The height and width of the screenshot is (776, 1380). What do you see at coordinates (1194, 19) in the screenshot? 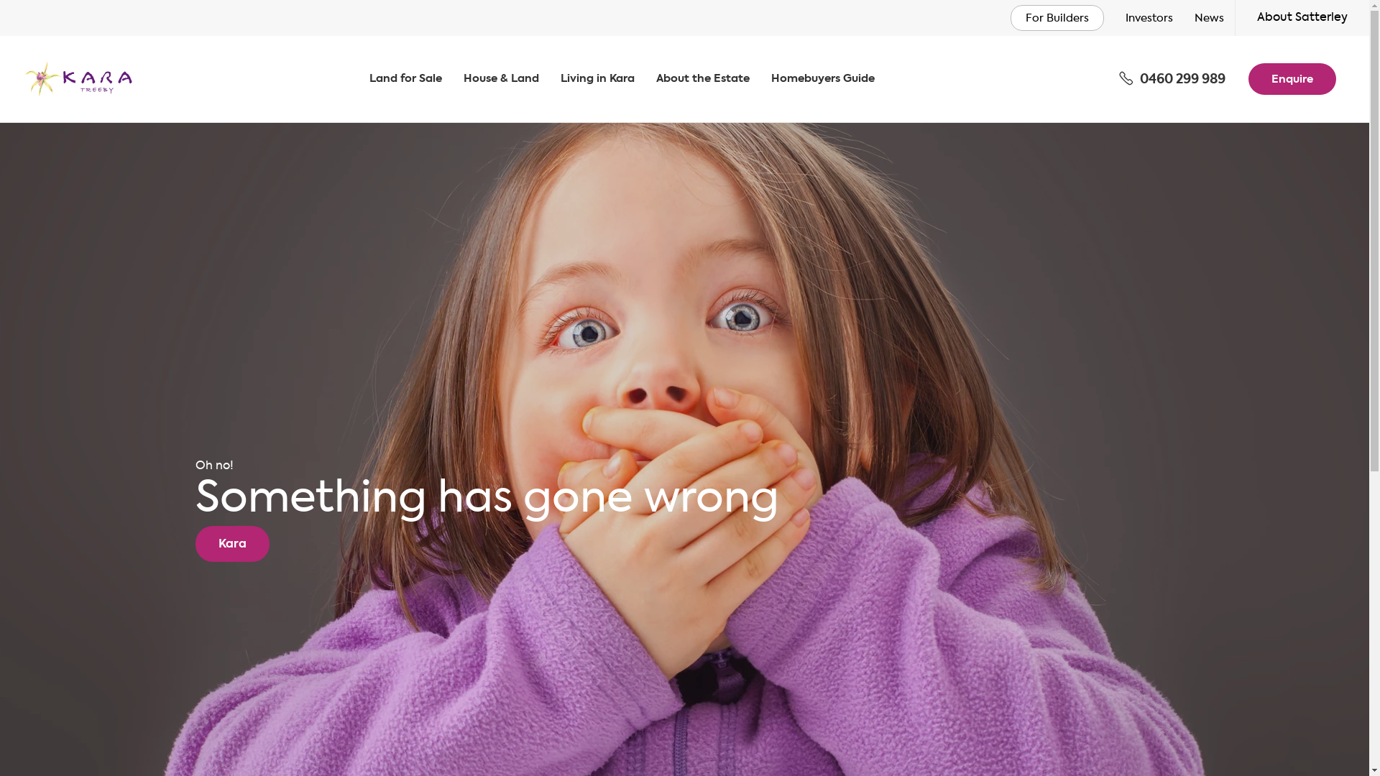
I see `'News'` at bounding box center [1194, 19].